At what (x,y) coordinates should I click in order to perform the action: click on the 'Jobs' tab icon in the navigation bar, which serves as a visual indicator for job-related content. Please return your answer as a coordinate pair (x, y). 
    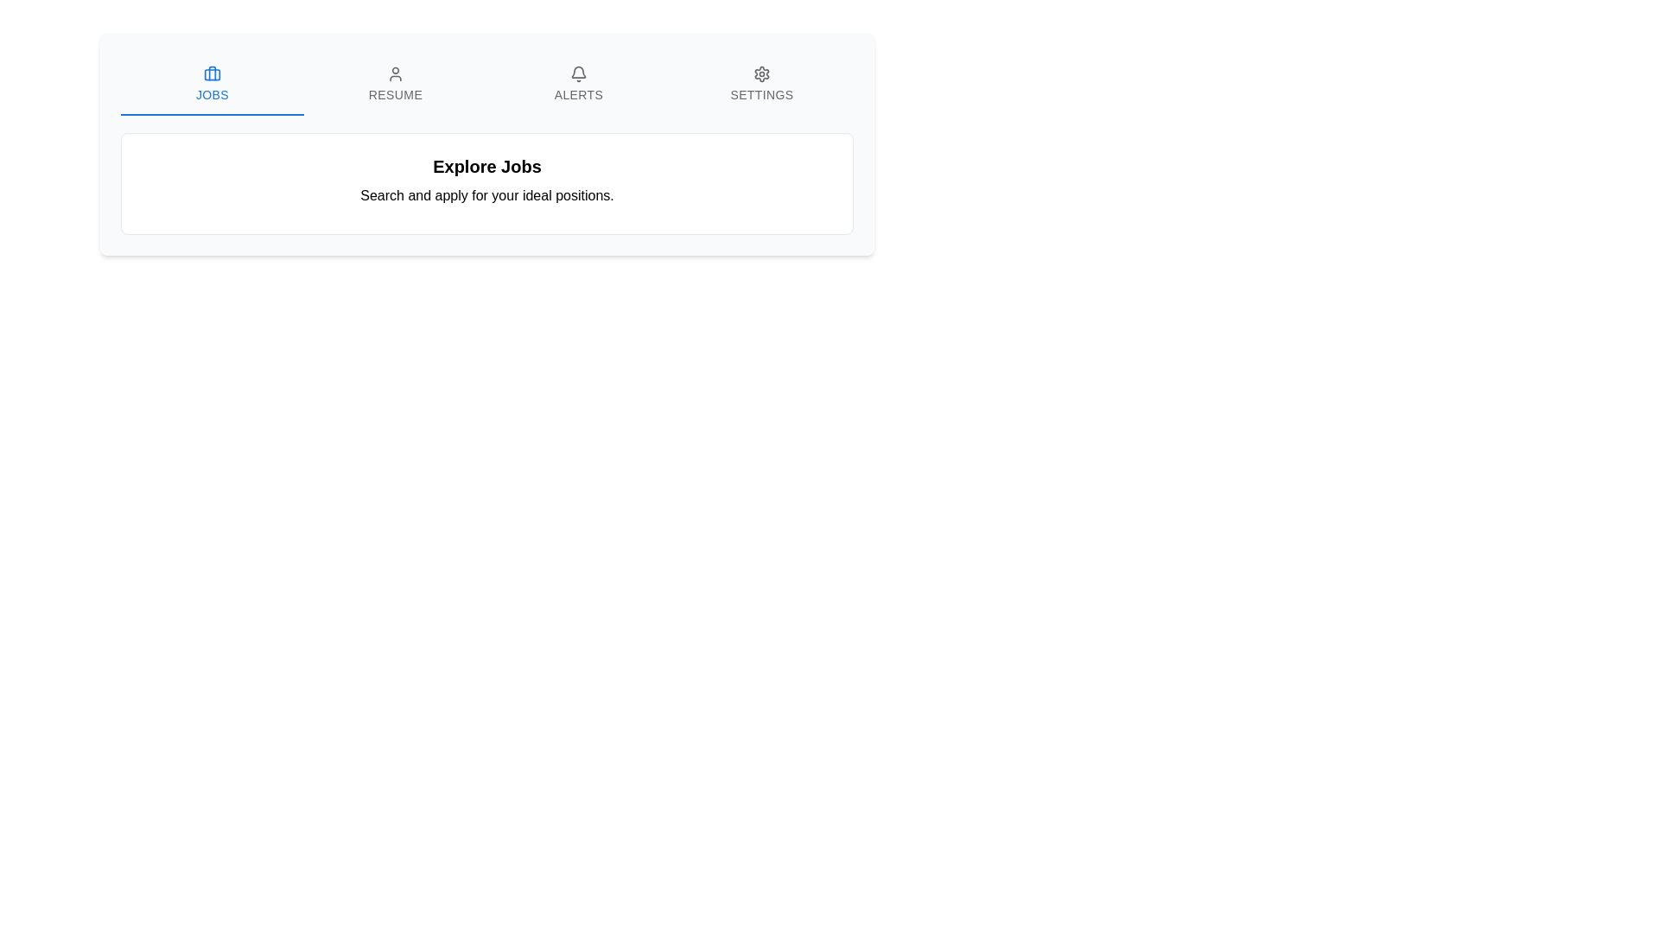
    Looking at the image, I should click on (211, 73).